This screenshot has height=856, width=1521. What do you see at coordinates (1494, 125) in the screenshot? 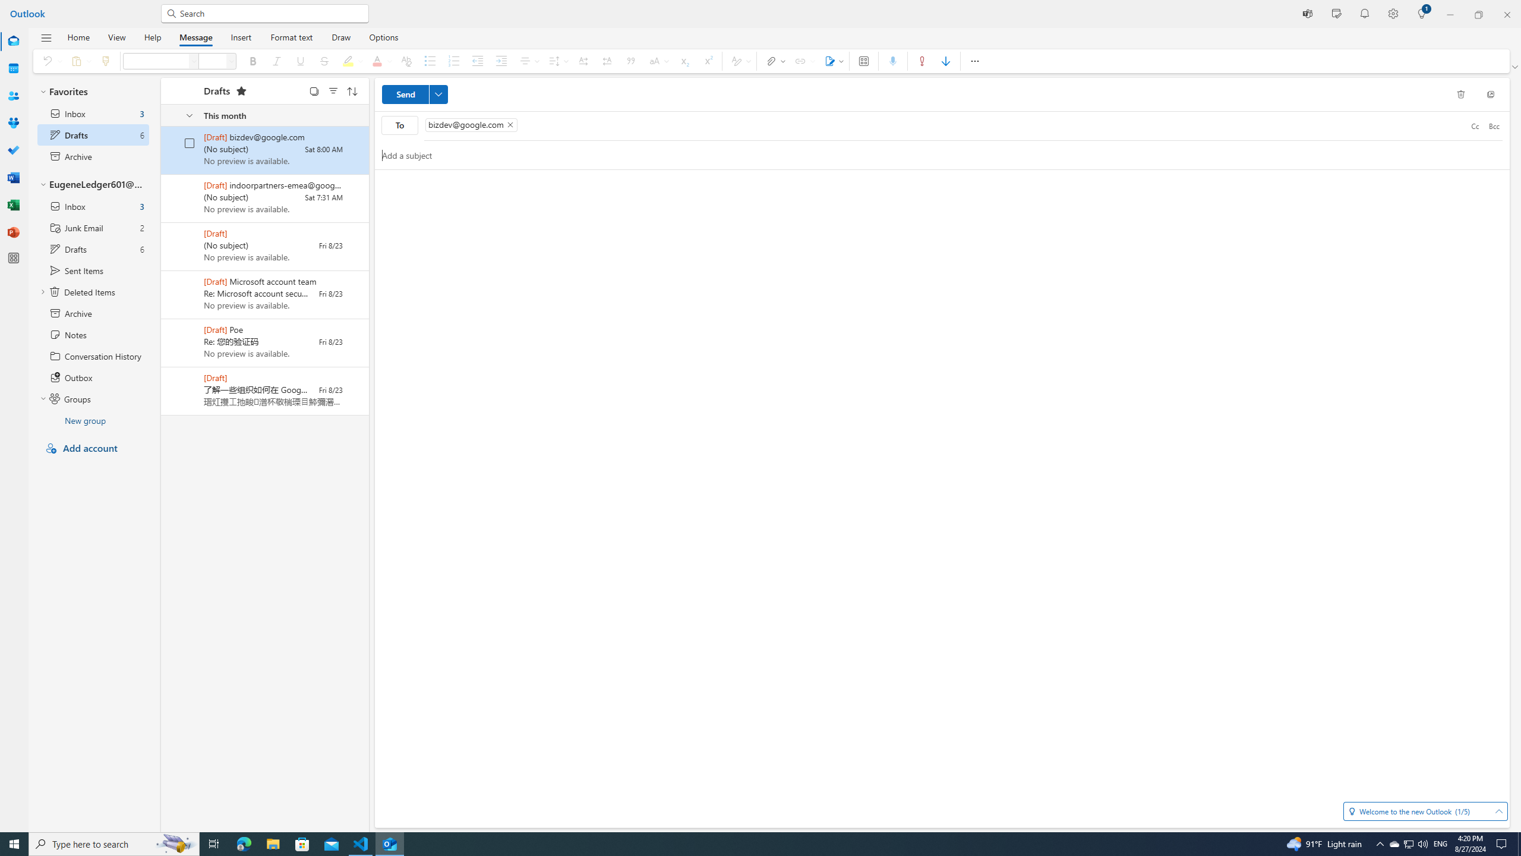
I see `'Bcc'` at bounding box center [1494, 125].